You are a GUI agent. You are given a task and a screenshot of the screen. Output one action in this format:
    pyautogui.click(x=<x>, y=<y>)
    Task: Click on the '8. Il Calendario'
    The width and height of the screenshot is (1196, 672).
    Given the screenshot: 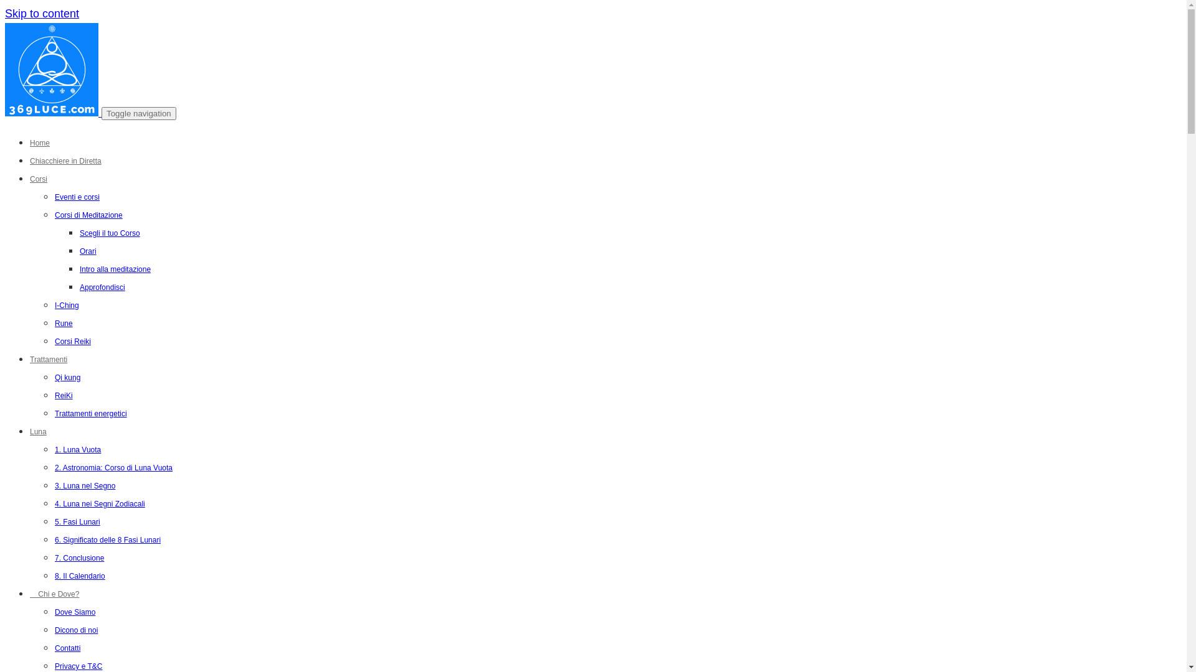 What is the action you would take?
    pyautogui.click(x=79, y=576)
    